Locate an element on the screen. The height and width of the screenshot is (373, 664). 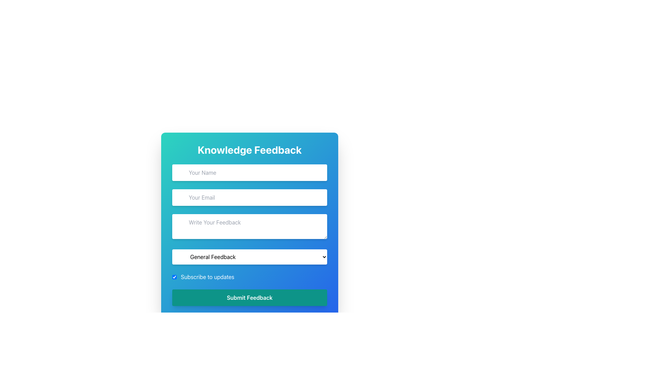
header text 'Knowledge Feedback' which is styled in bold, large-sized, white font, positioned at the top center of the feedback form panel is located at coordinates (249, 150).